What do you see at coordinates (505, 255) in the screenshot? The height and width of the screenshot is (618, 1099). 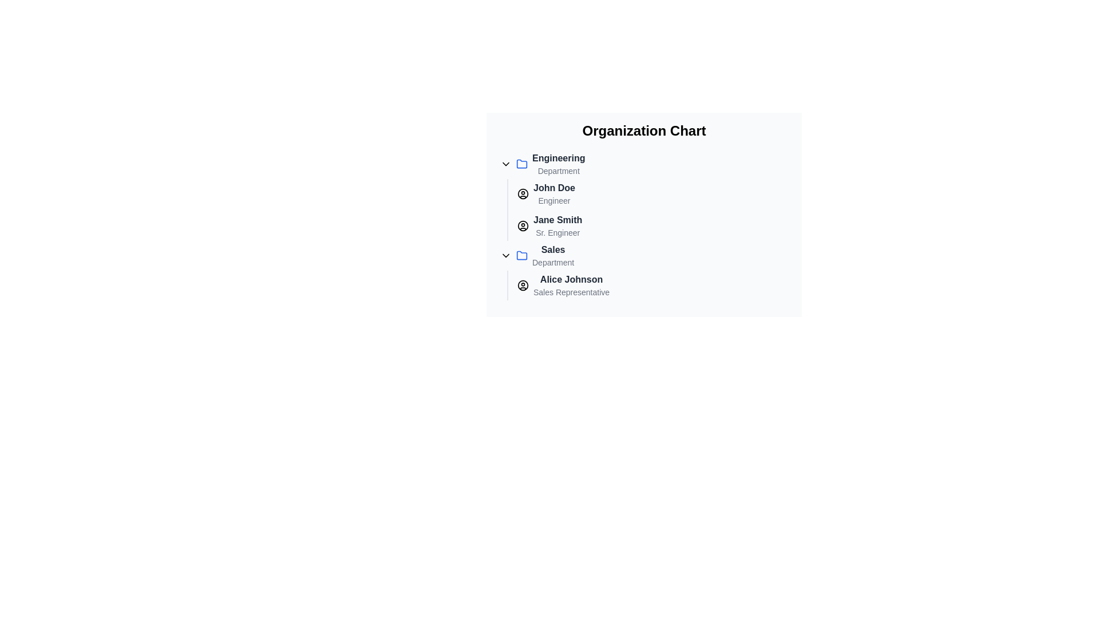 I see `the toggle button located to the left of the 'Sales' label` at bounding box center [505, 255].